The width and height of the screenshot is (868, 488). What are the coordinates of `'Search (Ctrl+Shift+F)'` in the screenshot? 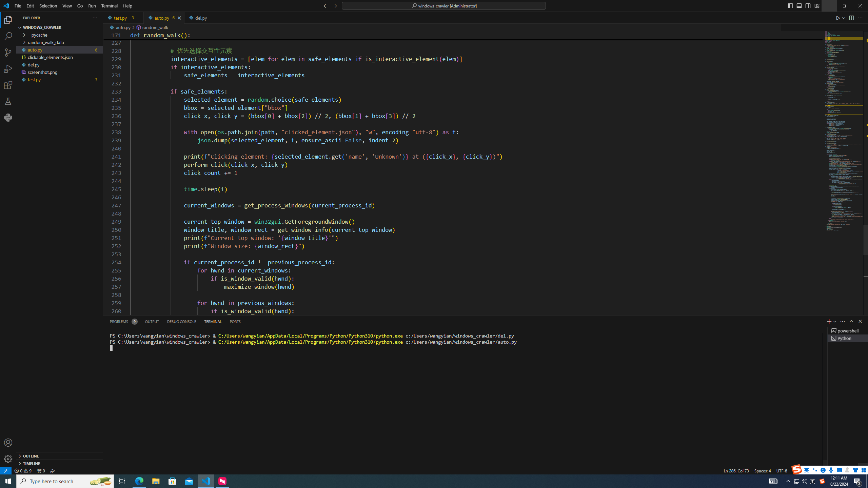 It's located at (8, 36).